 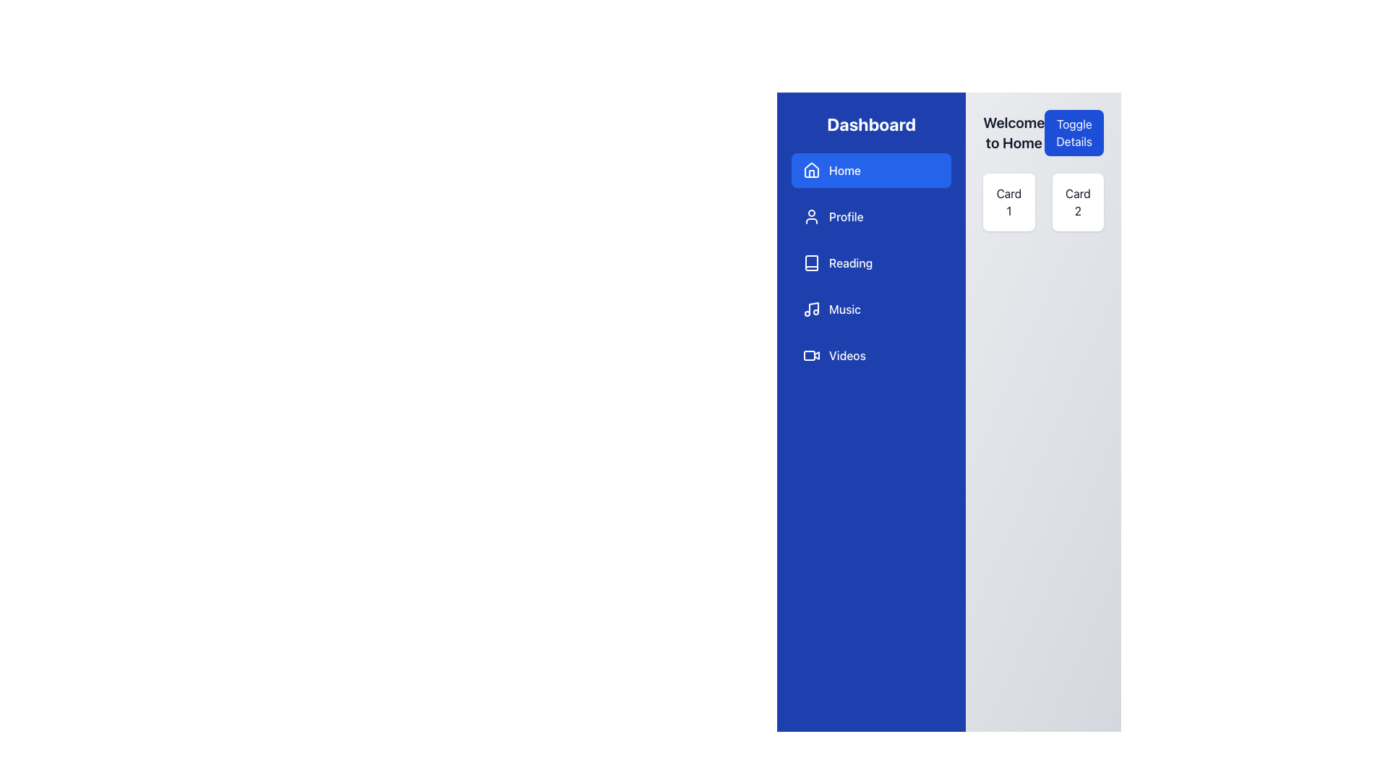 What do you see at coordinates (812, 169) in the screenshot?
I see `the simplified house icon representing the 'Home' button located at the top of the vertical navigation menu on the left side of the application interface` at bounding box center [812, 169].